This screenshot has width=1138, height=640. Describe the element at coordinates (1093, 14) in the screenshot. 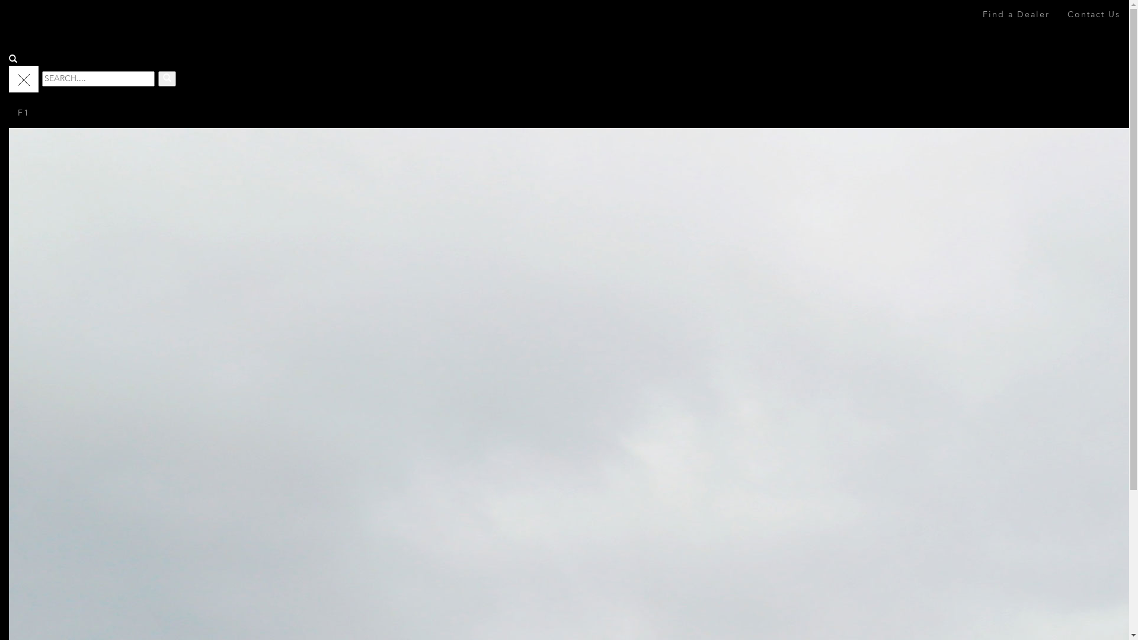

I see `'Contact Us'` at that location.